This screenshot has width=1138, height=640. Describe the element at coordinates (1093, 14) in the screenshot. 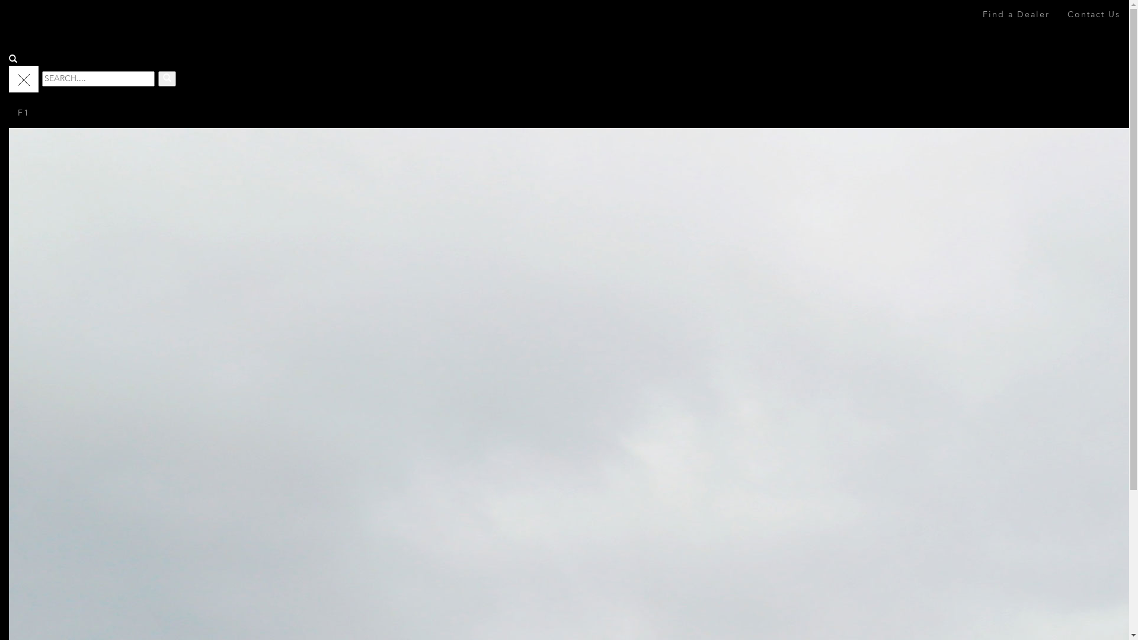

I see `'Contact Us'` at that location.